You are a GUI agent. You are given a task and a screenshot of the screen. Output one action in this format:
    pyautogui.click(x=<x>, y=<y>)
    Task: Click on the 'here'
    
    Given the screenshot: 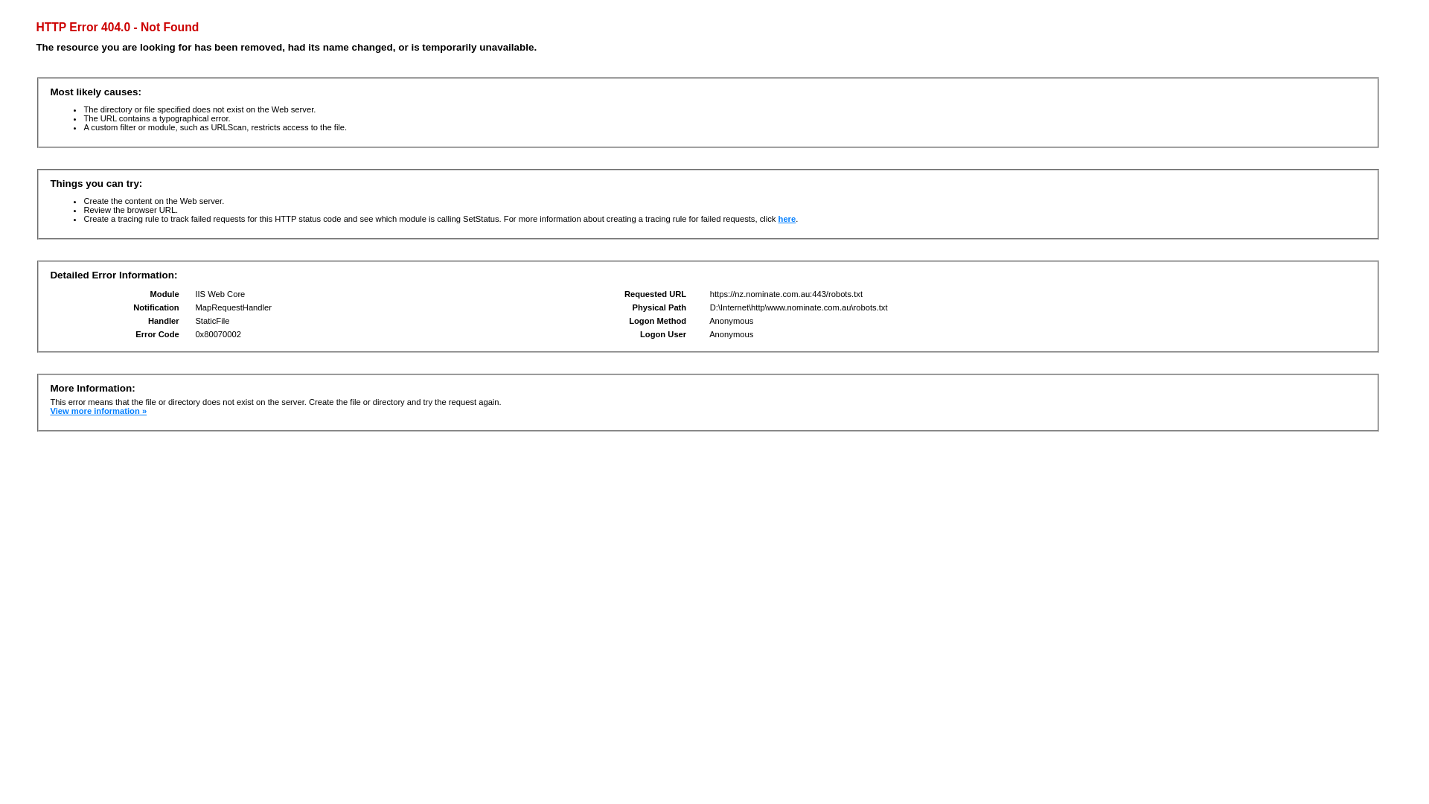 What is the action you would take?
    pyautogui.click(x=786, y=218)
    